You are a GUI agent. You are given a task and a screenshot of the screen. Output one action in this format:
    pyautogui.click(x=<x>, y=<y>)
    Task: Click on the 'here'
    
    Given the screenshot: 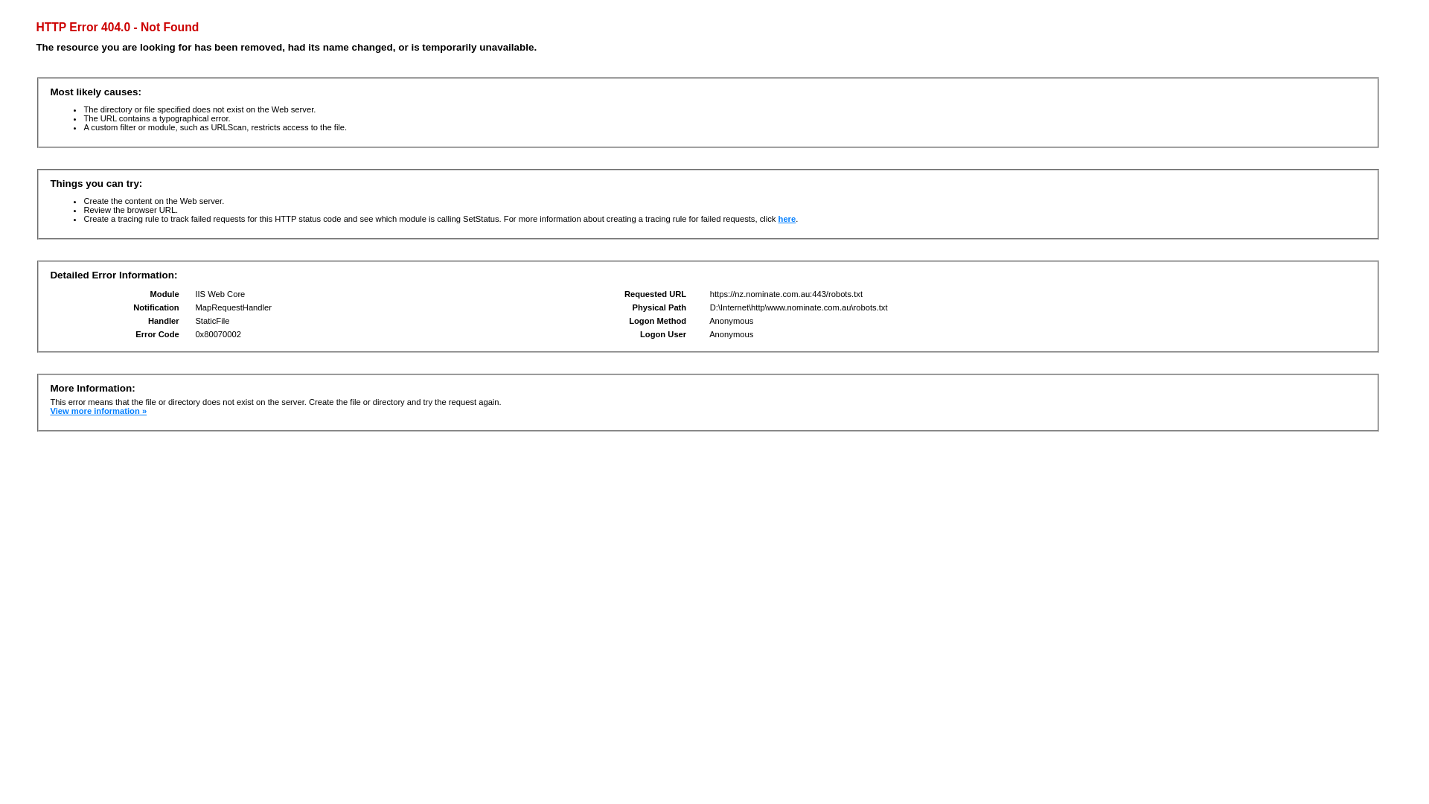 What is the action you would take?
    pyautogui.click(x=786, y=218)
    